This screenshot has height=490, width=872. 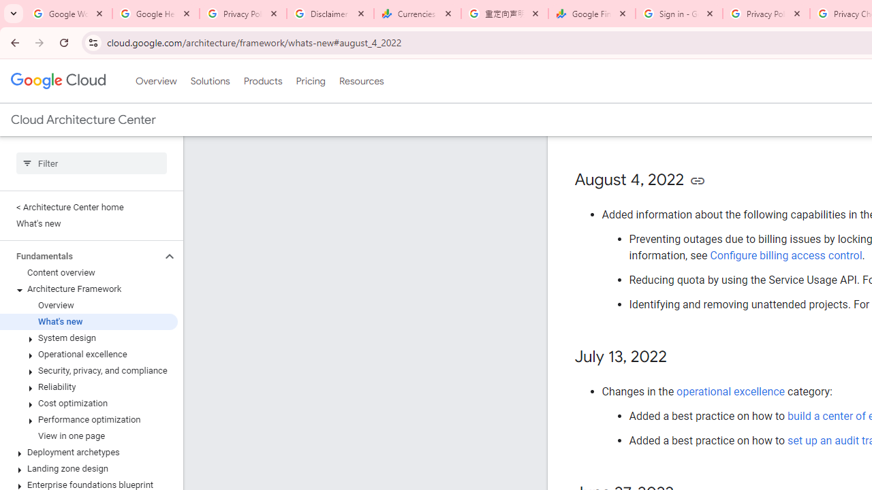 What do you see at coordinates (88, 289) in the screenshot?
I see `'Architecture Framework'` at bounding box center [88, 289].